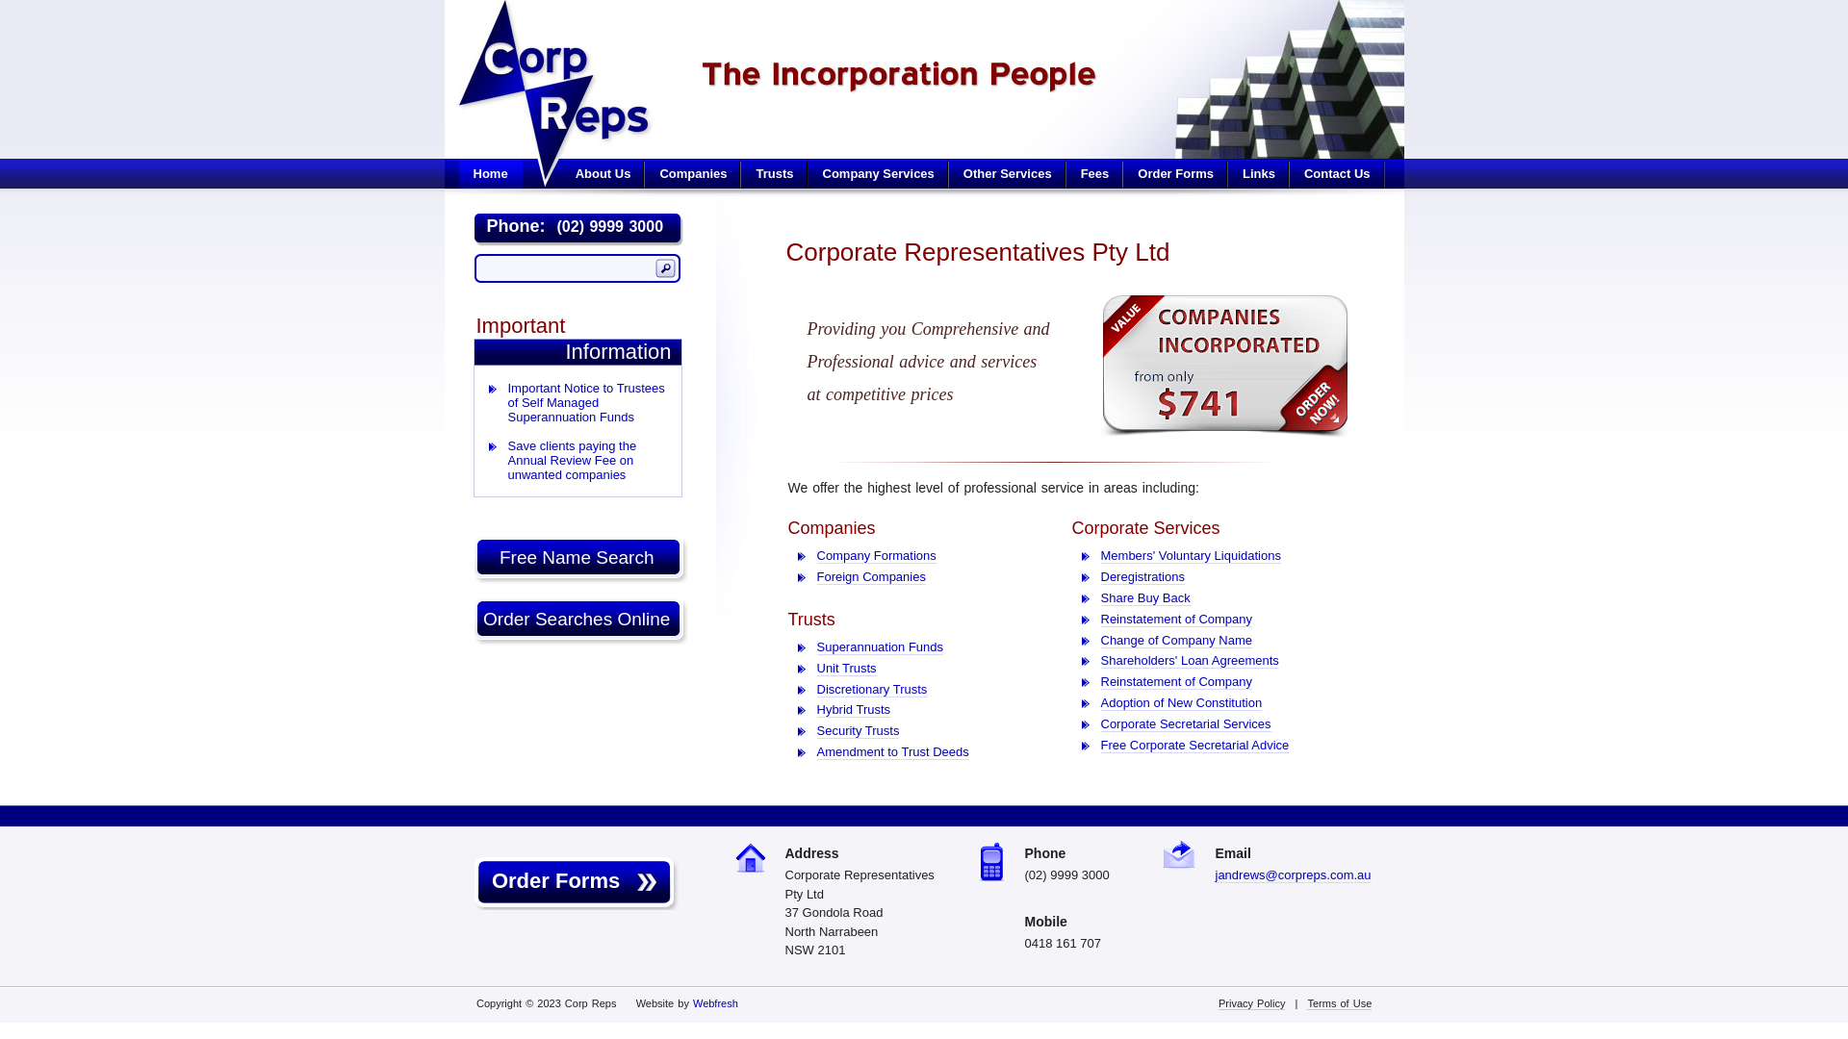 The width and height of the screenshot is (1848, 1039). What do you see at coordinates (580, 559) in the screenshot?
I see `'Free Name Search  '` at bounding box center [580, 559].